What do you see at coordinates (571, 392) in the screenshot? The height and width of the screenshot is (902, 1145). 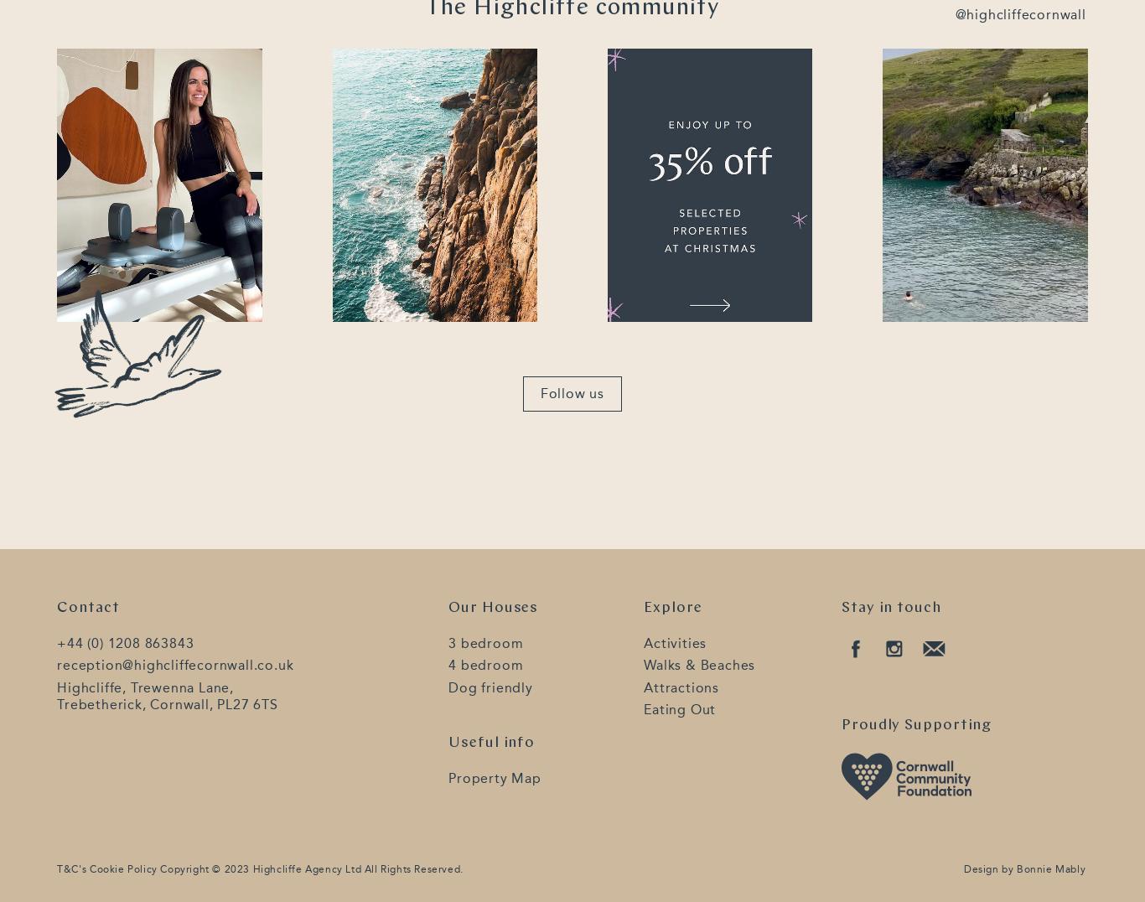 I see `'Follow us'` at bounding box center [571, 392].